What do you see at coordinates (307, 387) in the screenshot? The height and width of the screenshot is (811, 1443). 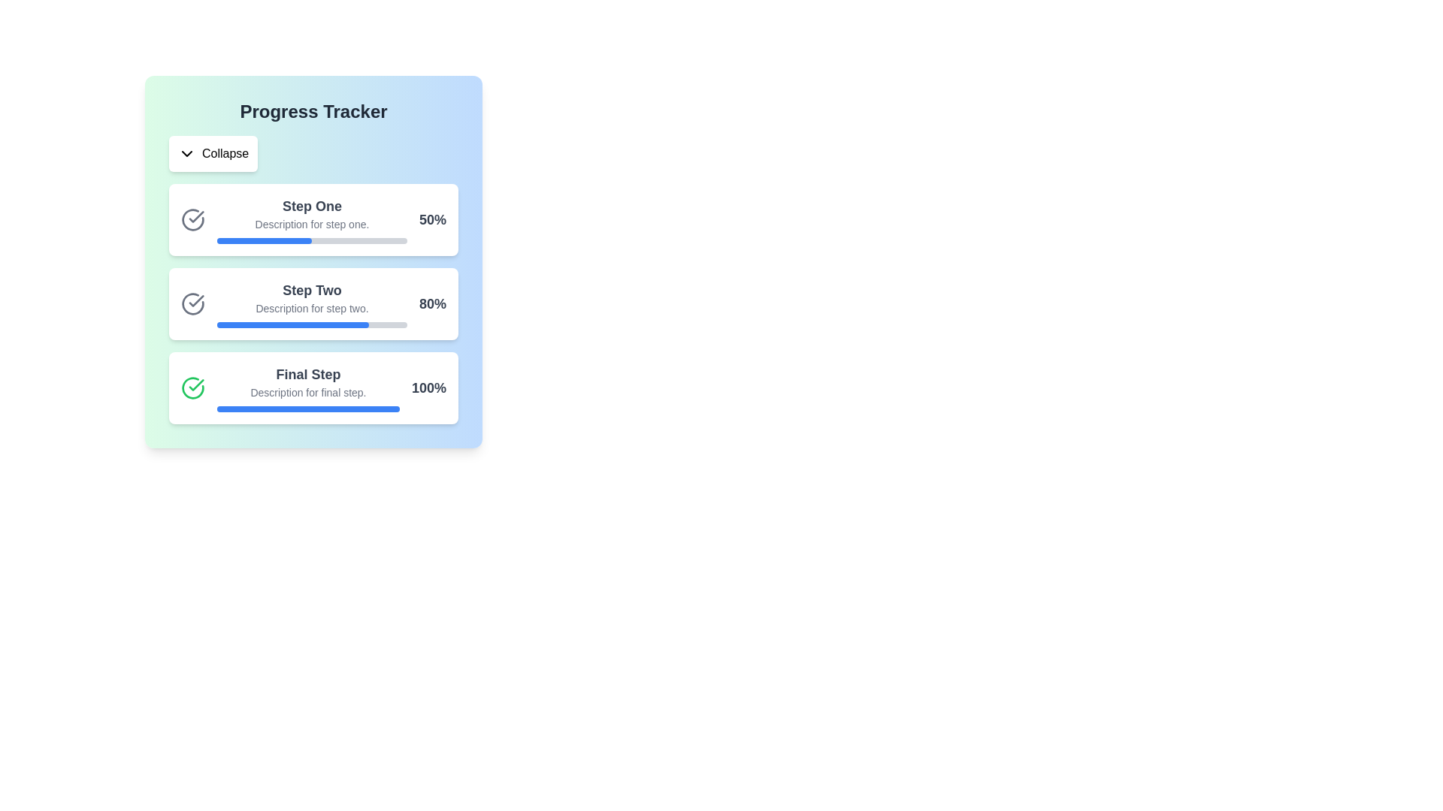 I see `the Text block that provides a title and description for the final step in the progress tracker, located below 'Step Two'` at bounding box center [307, 387].